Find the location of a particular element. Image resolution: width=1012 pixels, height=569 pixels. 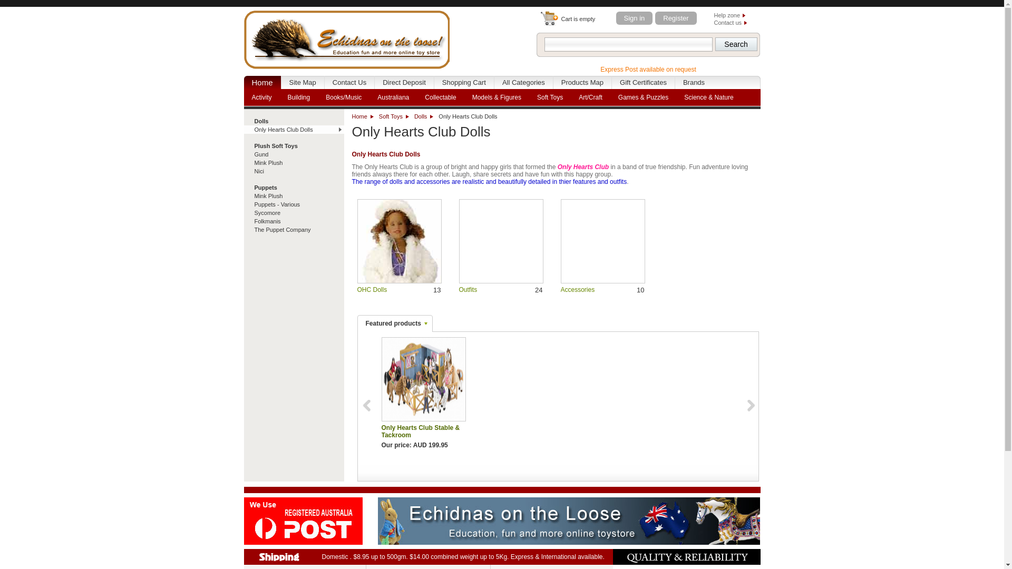

'Nici' is located at coordinates (242, 170).